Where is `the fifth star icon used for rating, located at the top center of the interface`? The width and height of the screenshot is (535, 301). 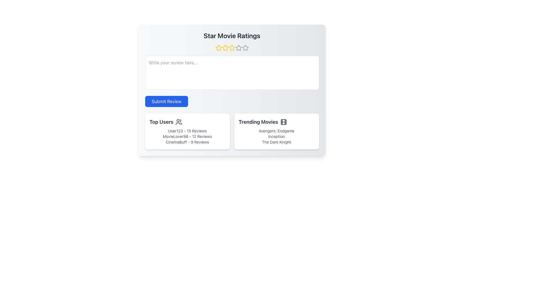
the fifth star icon used for rating, located at the top center of the interface is located at coordinates (245, 48).